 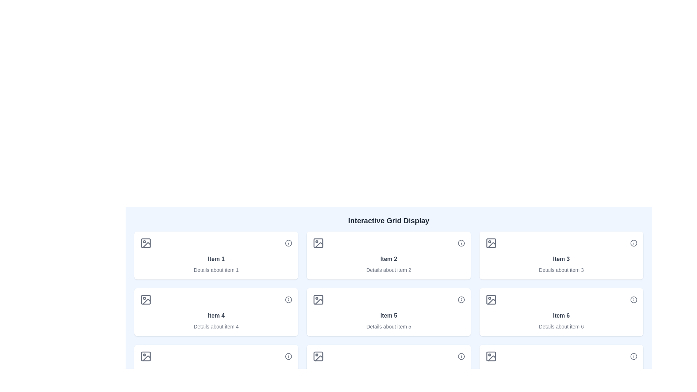 I want to click on the information icon located at the bottom-right corner of the interface, adjacent to 'Item 6', which provides additional details related to 'Item 6', so click(x=461, y=356).